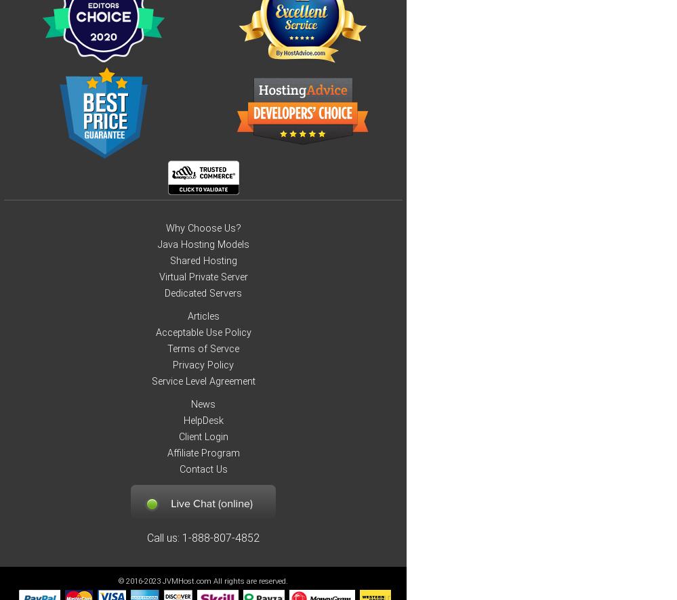 This screenshot has height=600, width=677. What do you see at coordinates (202, 261) in the screenshot?
I see `'Shared Hosting'` at bounding box center [202, 261].